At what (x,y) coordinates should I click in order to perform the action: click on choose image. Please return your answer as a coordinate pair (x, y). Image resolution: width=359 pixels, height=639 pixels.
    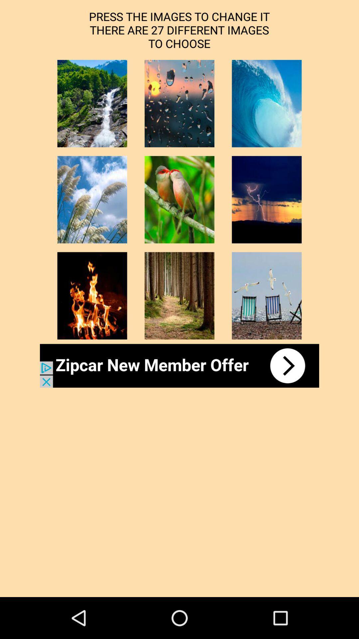
    Looking at the image, I should click on (179, 295).